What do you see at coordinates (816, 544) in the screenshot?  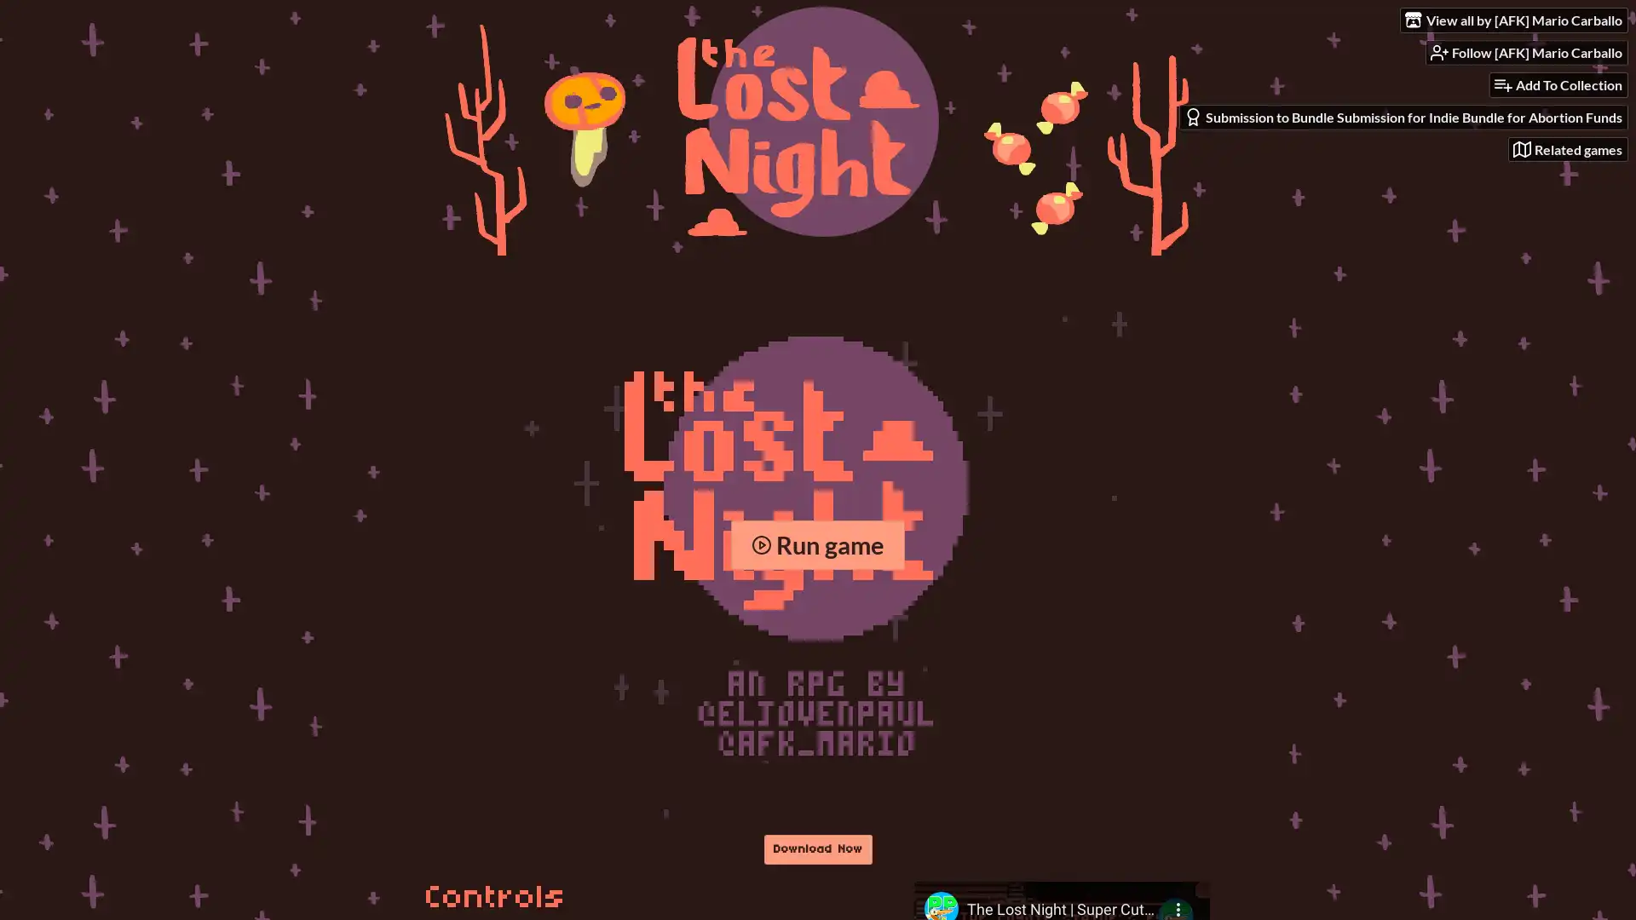 I see `Run game` at bounding box center [816, 544].